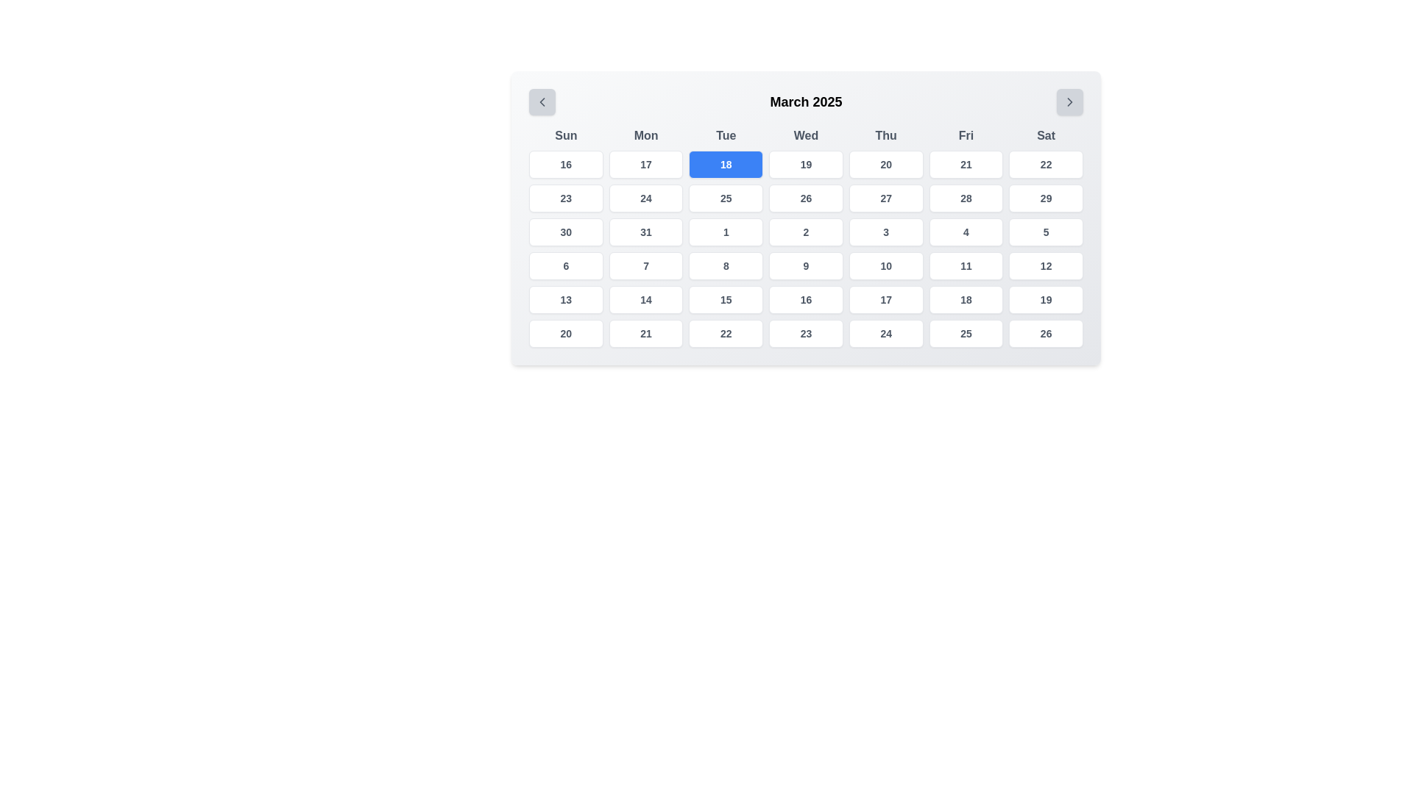 This screenshot has height=794, width=1413. I want to click on the button labeled '10' with a white background and rounded borders, located in the 4th row and 4th column under the label 'Thu', so click(885, 266).